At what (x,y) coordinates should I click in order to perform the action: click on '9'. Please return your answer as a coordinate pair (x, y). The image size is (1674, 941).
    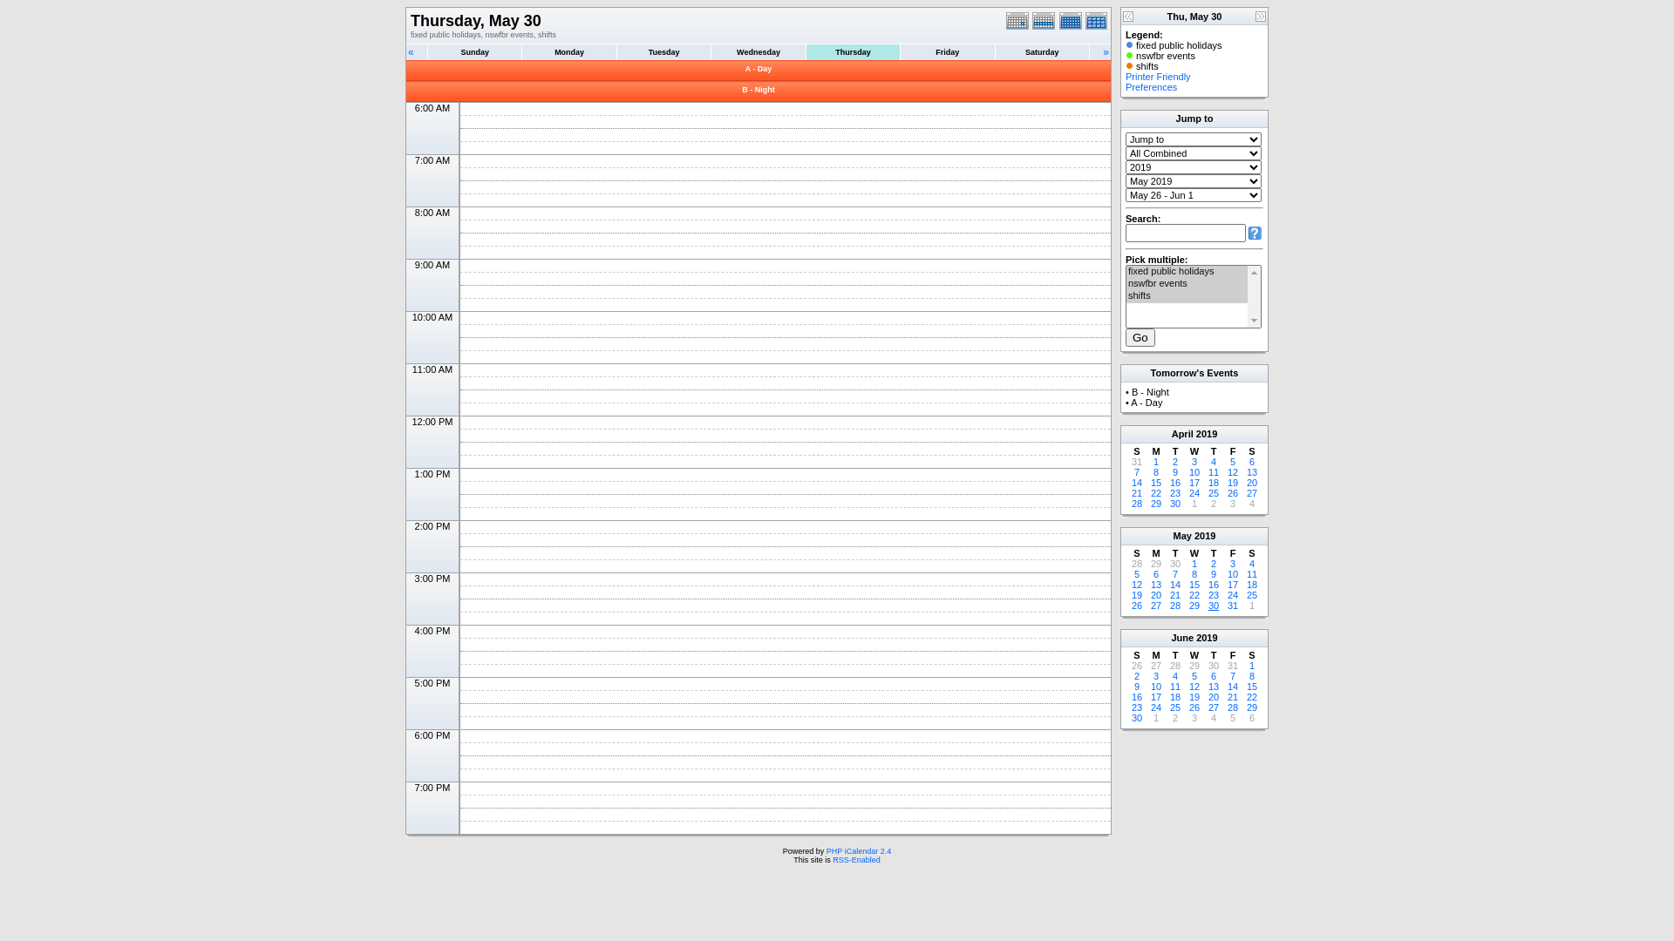
    Looking at the image, I should click on (1213, 574).